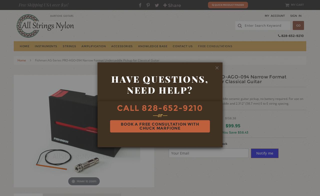 Image resolution: width=320 pixels, height=196 pixels. I want to click on 'Renaissance Lute', so click(258, 81).